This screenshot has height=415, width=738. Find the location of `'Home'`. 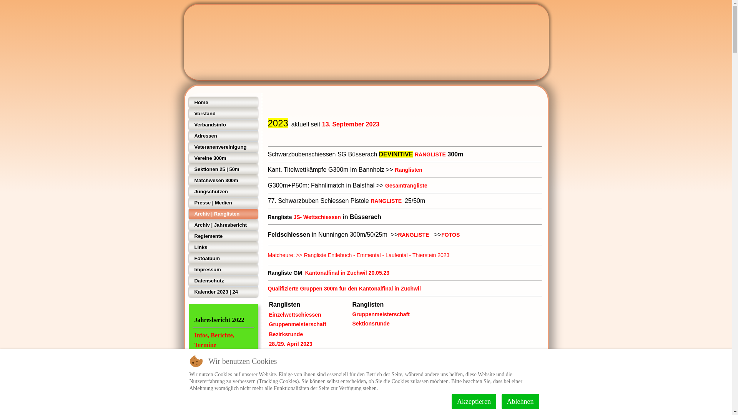

'Home' is located at coordinates (188, 102).